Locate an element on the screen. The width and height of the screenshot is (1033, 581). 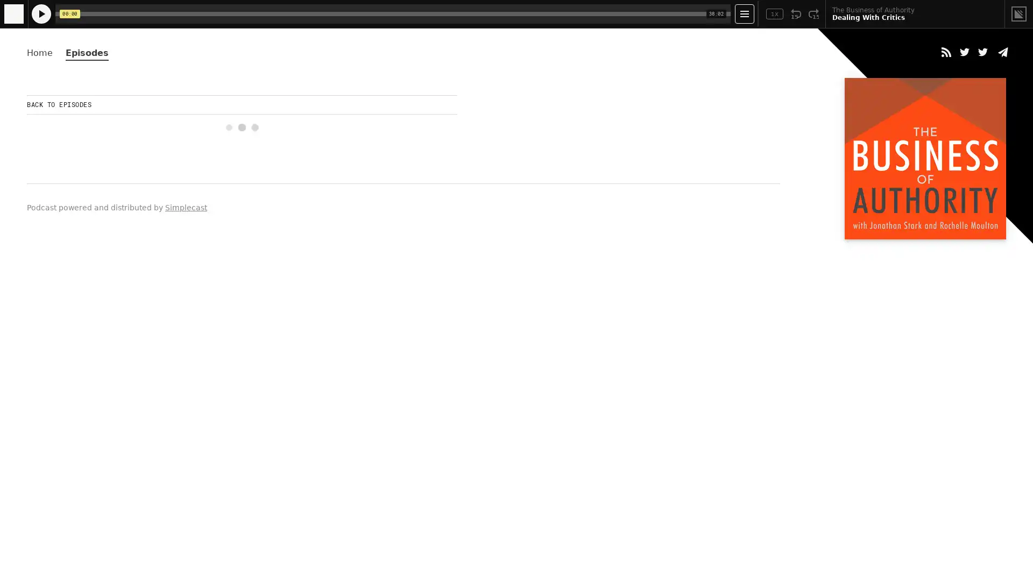
Play is located at coordinates (41, 14).